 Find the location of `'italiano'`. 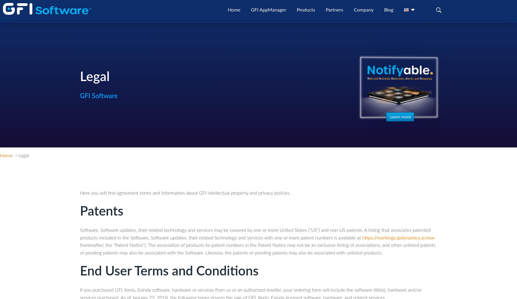

'italiano' is located at coordinates (350, 103).